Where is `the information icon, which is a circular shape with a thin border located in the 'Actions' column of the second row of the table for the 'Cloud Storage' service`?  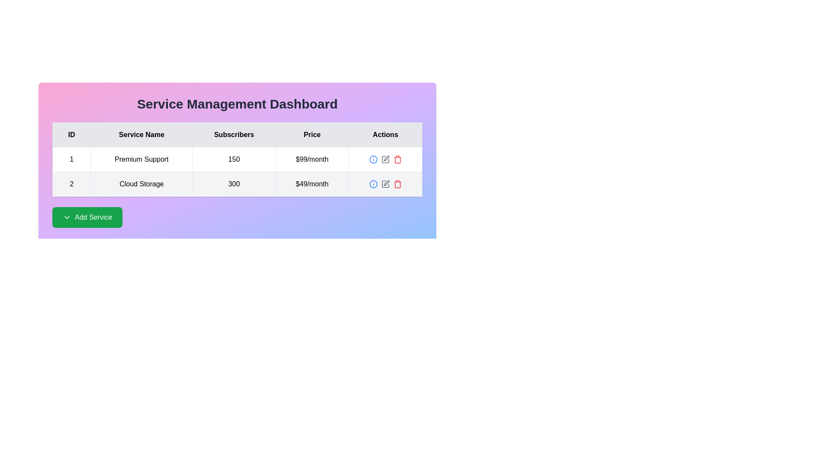 the information icon, which is a circular shape with a thin border located in the 'Actions' column of the second row of the table for the 'Cloud Storage' service is located at coordinates (373, 160).